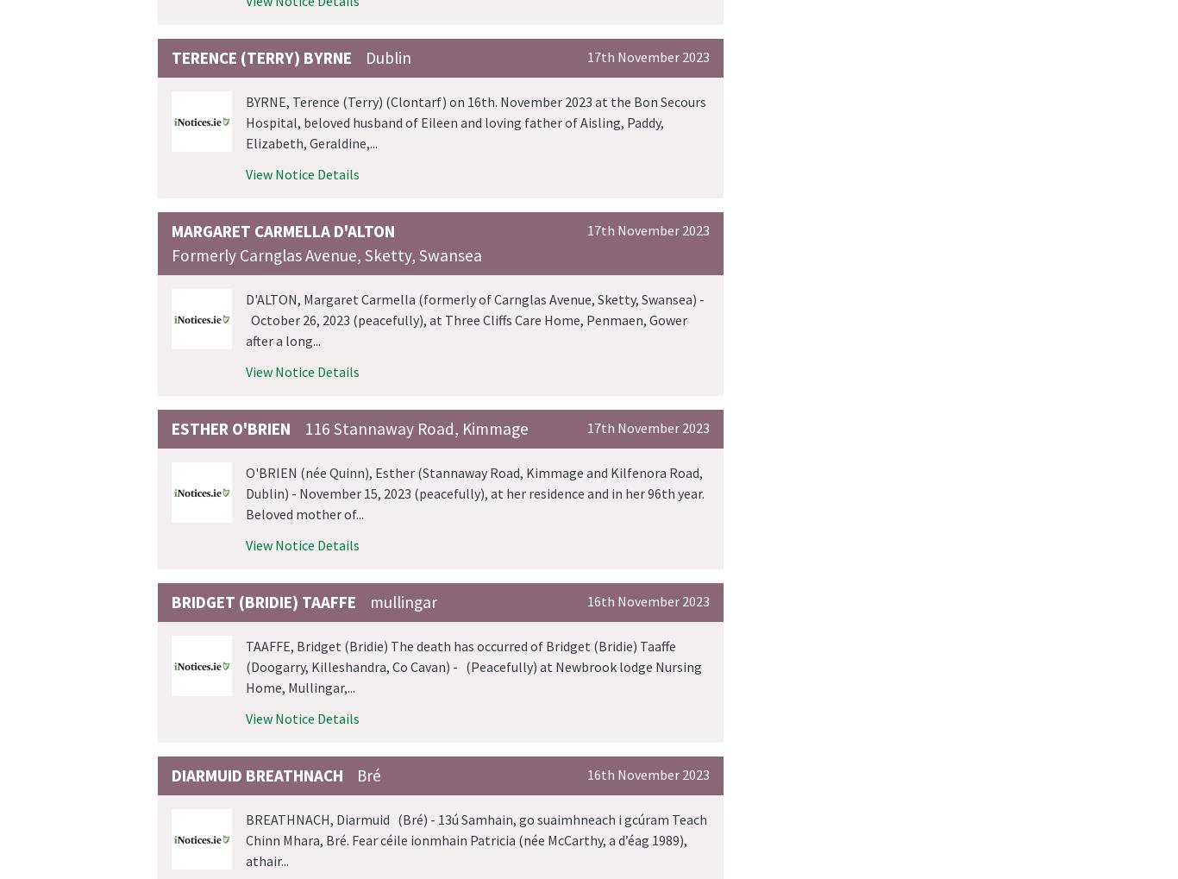 This screenshot has width=1178, height=879. Describe the element at coordinates (326, 254) in the screenshot. I see `'Formerly Carnglas Avenue, Sketty, Swansea'` at that location.